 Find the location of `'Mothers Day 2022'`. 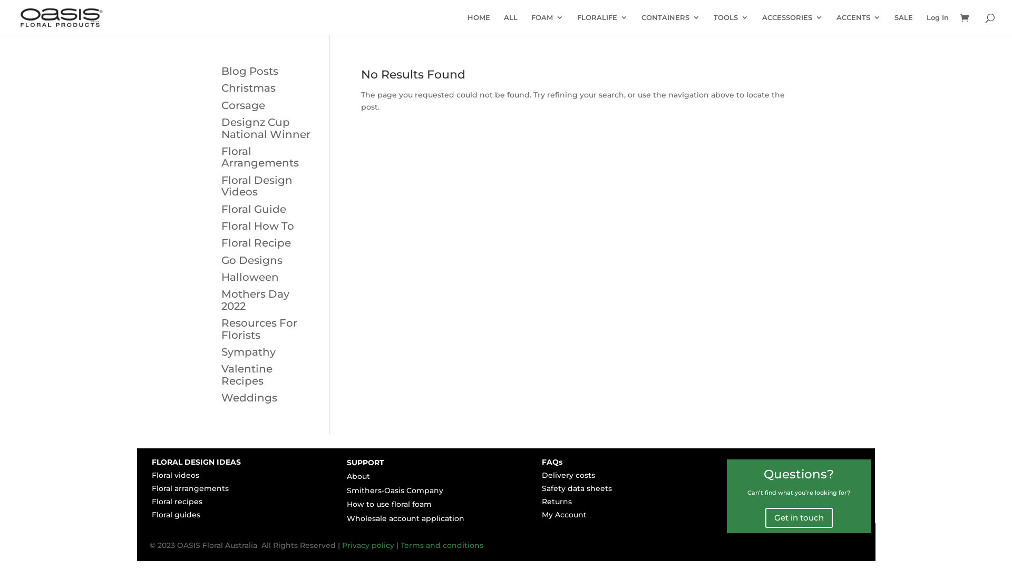

'Mothers Day 2022' is located at coordinates (221, 300).